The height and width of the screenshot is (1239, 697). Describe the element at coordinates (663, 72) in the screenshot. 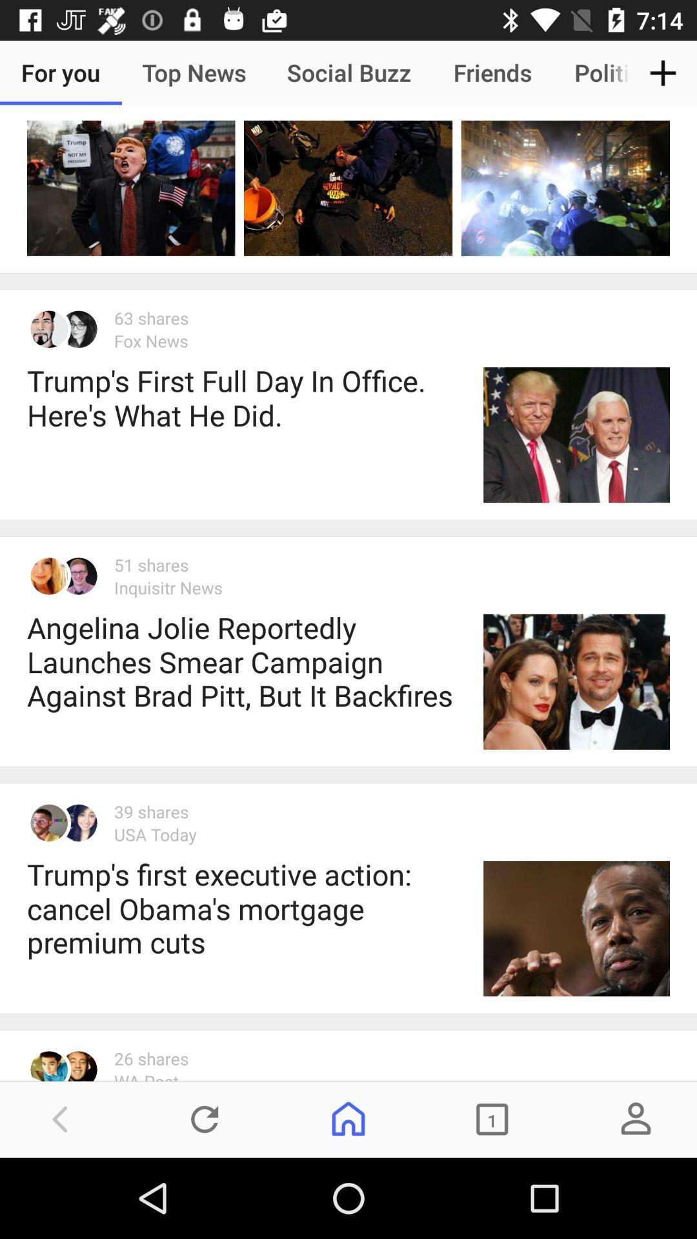

I see `the add icon` at that location.